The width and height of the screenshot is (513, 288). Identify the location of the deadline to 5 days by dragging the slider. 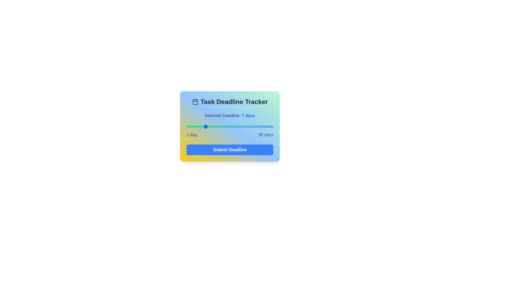
(198, 126).